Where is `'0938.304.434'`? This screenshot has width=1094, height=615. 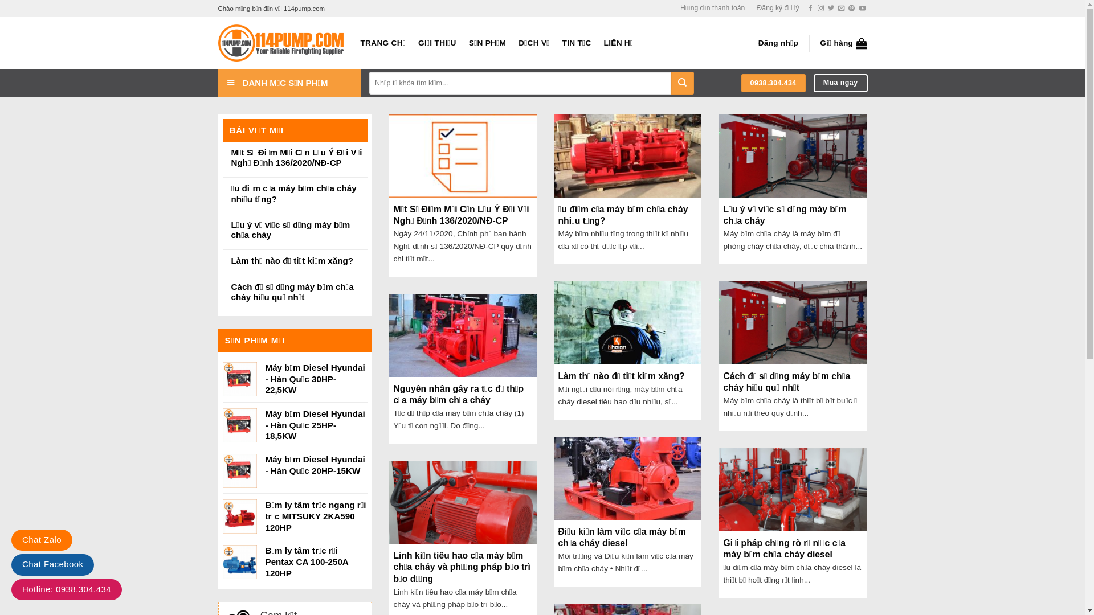
'0938.304.434' is located at coordinates (773, 83).